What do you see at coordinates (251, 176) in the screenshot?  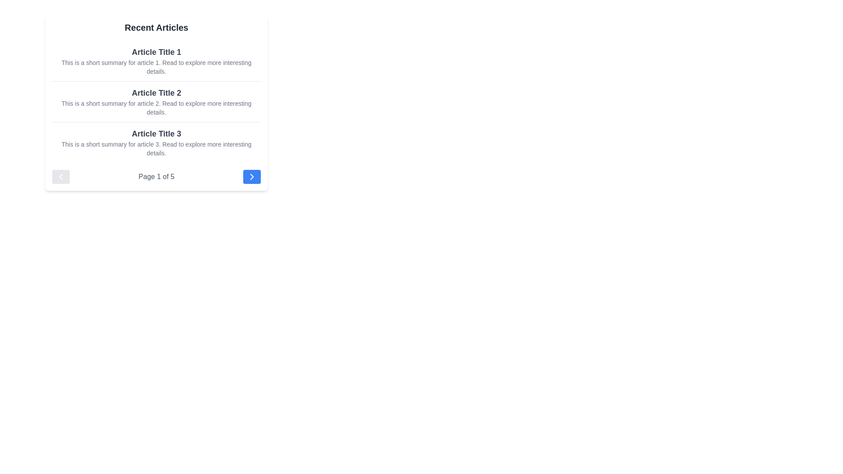 I see `the 'Next Page' button located at the bottom right corner of the pagination control` at bounding box center [251, 176].